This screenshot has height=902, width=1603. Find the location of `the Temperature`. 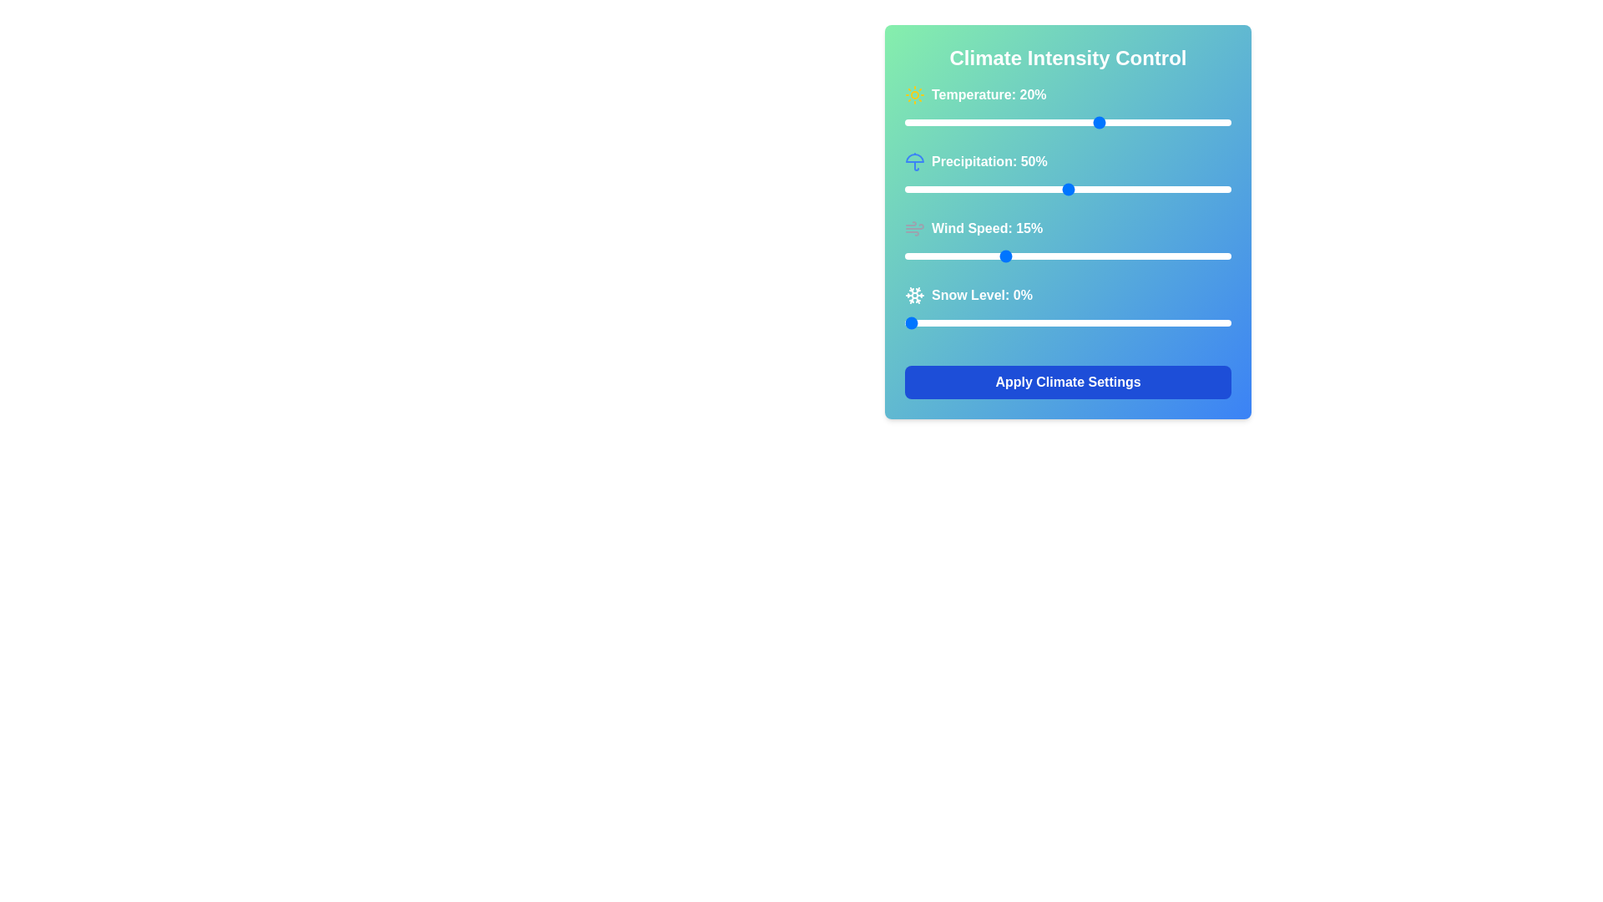

the Temperature is located at coordinates (1054, 121).